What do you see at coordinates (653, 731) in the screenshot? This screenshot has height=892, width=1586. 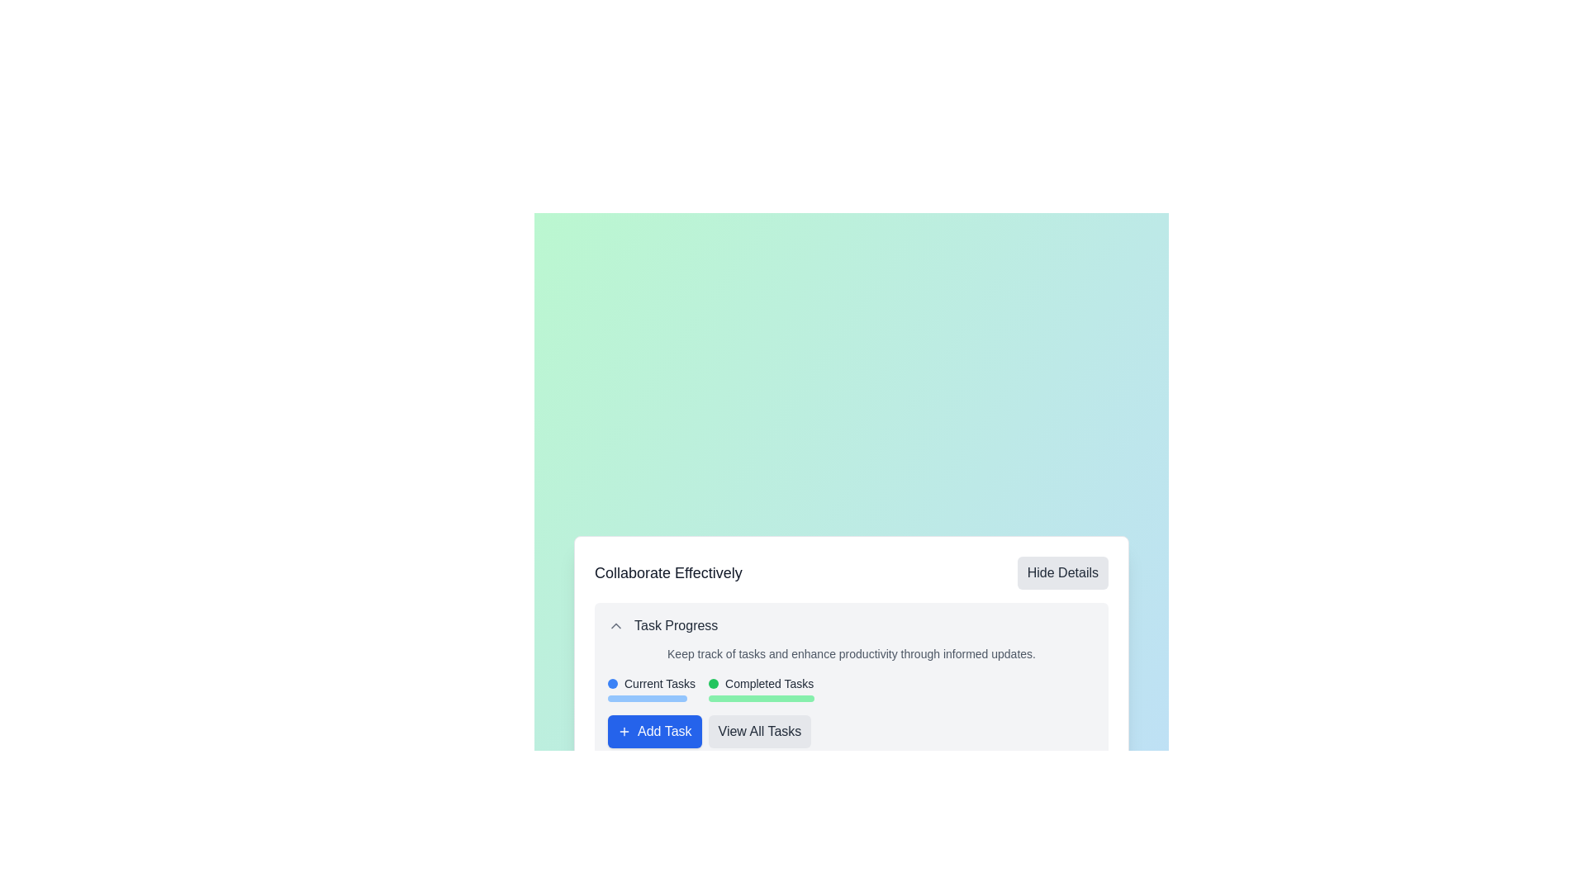 I see `the leftmost button in the 'Task Progress' section` at bounding box center [653, 731].